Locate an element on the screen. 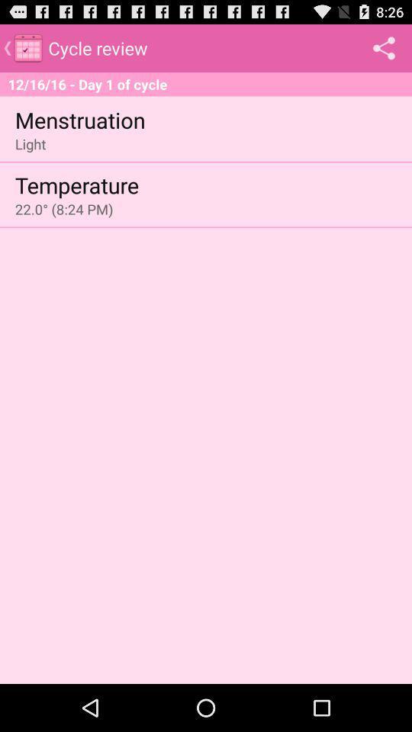 The image size is (412, 732). the temperature is located at coordinates (76, 184).